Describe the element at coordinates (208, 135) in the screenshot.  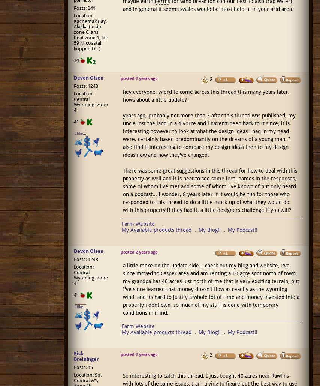
I see `'years ago, probably not more than 3 after this thread was published, my uncle lost the land in a divorce and i haven't been back to it since, it is interesting however to look at what the design ideas i had in my head were, certainly based predominantly on the dreams of a young man. I also find it interesting to compare my design ideas then to my design ideas now and how they've changed.'` at that location.